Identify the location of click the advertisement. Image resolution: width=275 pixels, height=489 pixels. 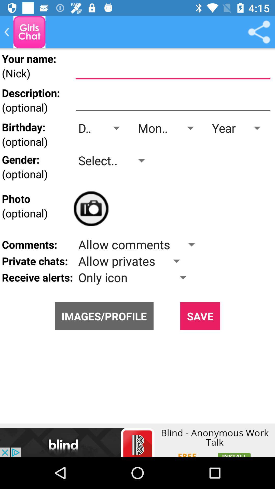
(137, 440).